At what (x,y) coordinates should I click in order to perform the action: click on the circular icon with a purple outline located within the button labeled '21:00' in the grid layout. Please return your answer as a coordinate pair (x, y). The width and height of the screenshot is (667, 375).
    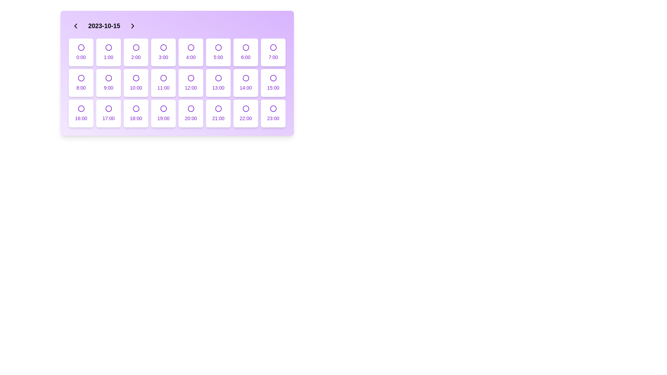
    Looking at the image, I should click on (218, 108).